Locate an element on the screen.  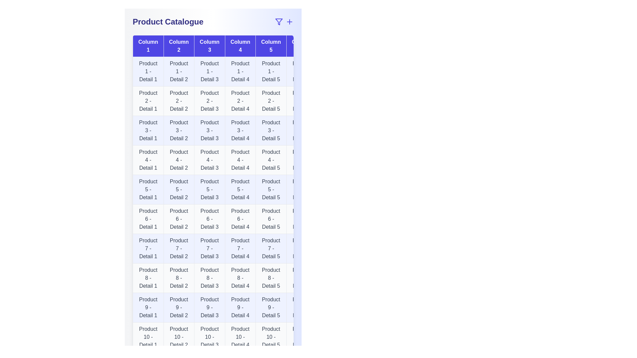
the header of column Column 1 to sort the table by that column is located at coordinates (148, 45).